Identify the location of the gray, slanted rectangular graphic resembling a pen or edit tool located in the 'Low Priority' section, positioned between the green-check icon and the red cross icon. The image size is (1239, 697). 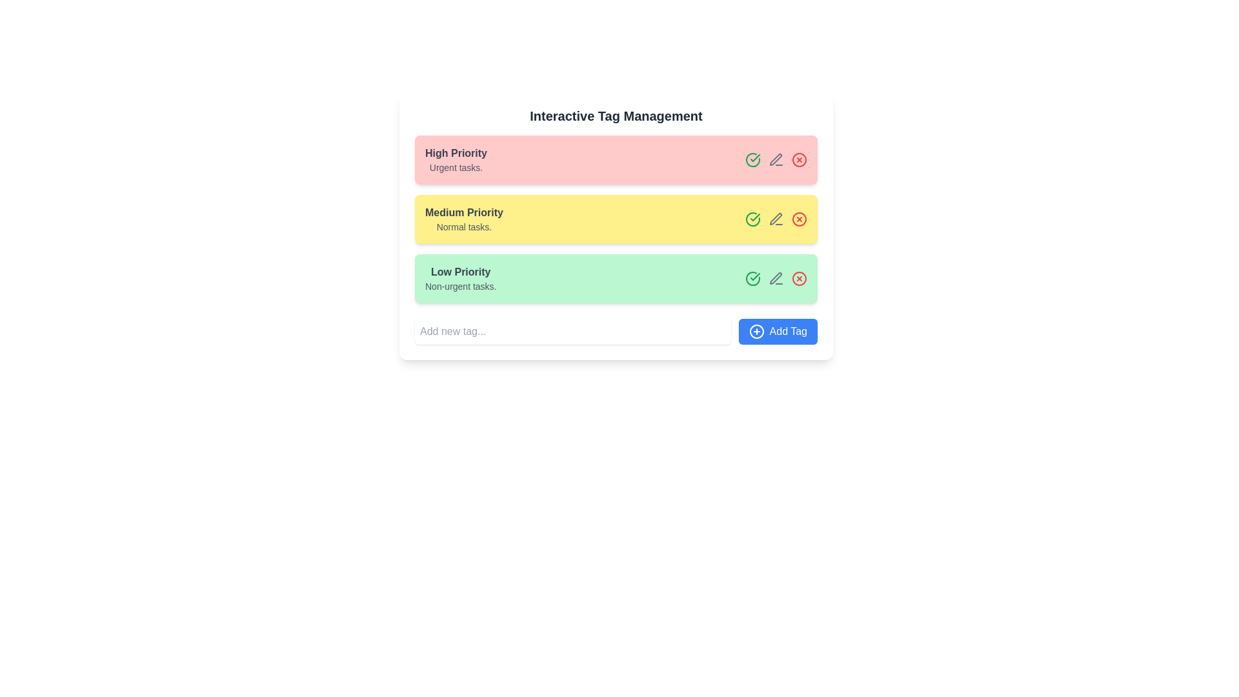
(775, 278).